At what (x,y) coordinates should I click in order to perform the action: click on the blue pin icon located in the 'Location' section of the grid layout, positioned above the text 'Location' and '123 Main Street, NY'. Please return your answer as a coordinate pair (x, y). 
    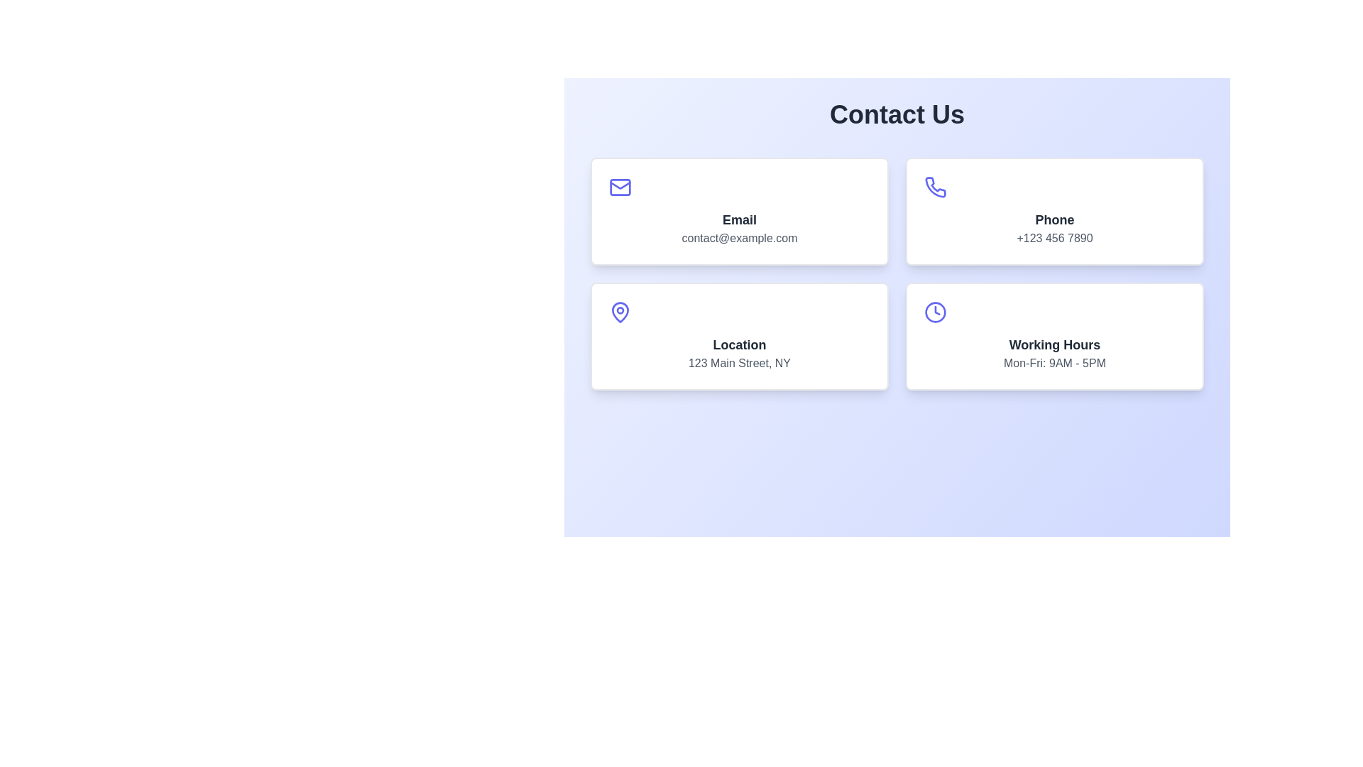
    Looking at the image, I should click on (620, 311).